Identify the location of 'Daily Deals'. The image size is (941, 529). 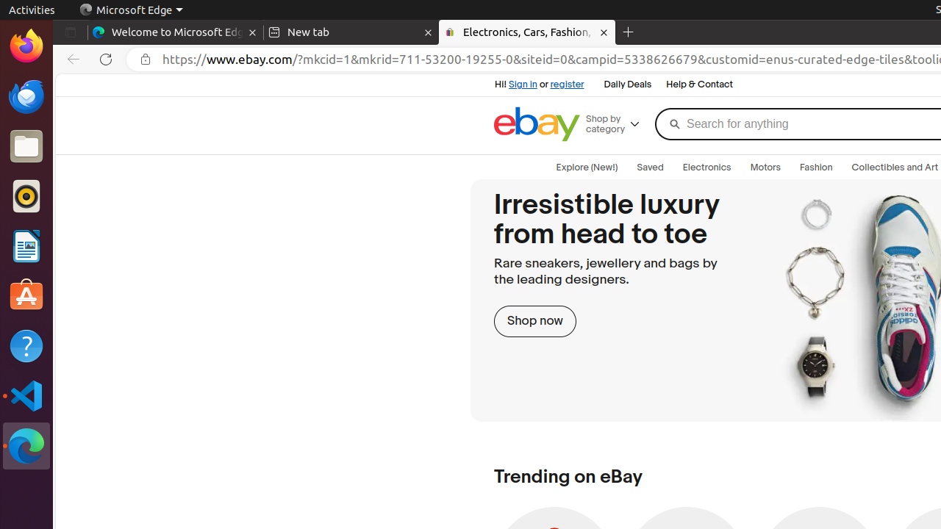
(628, 84).